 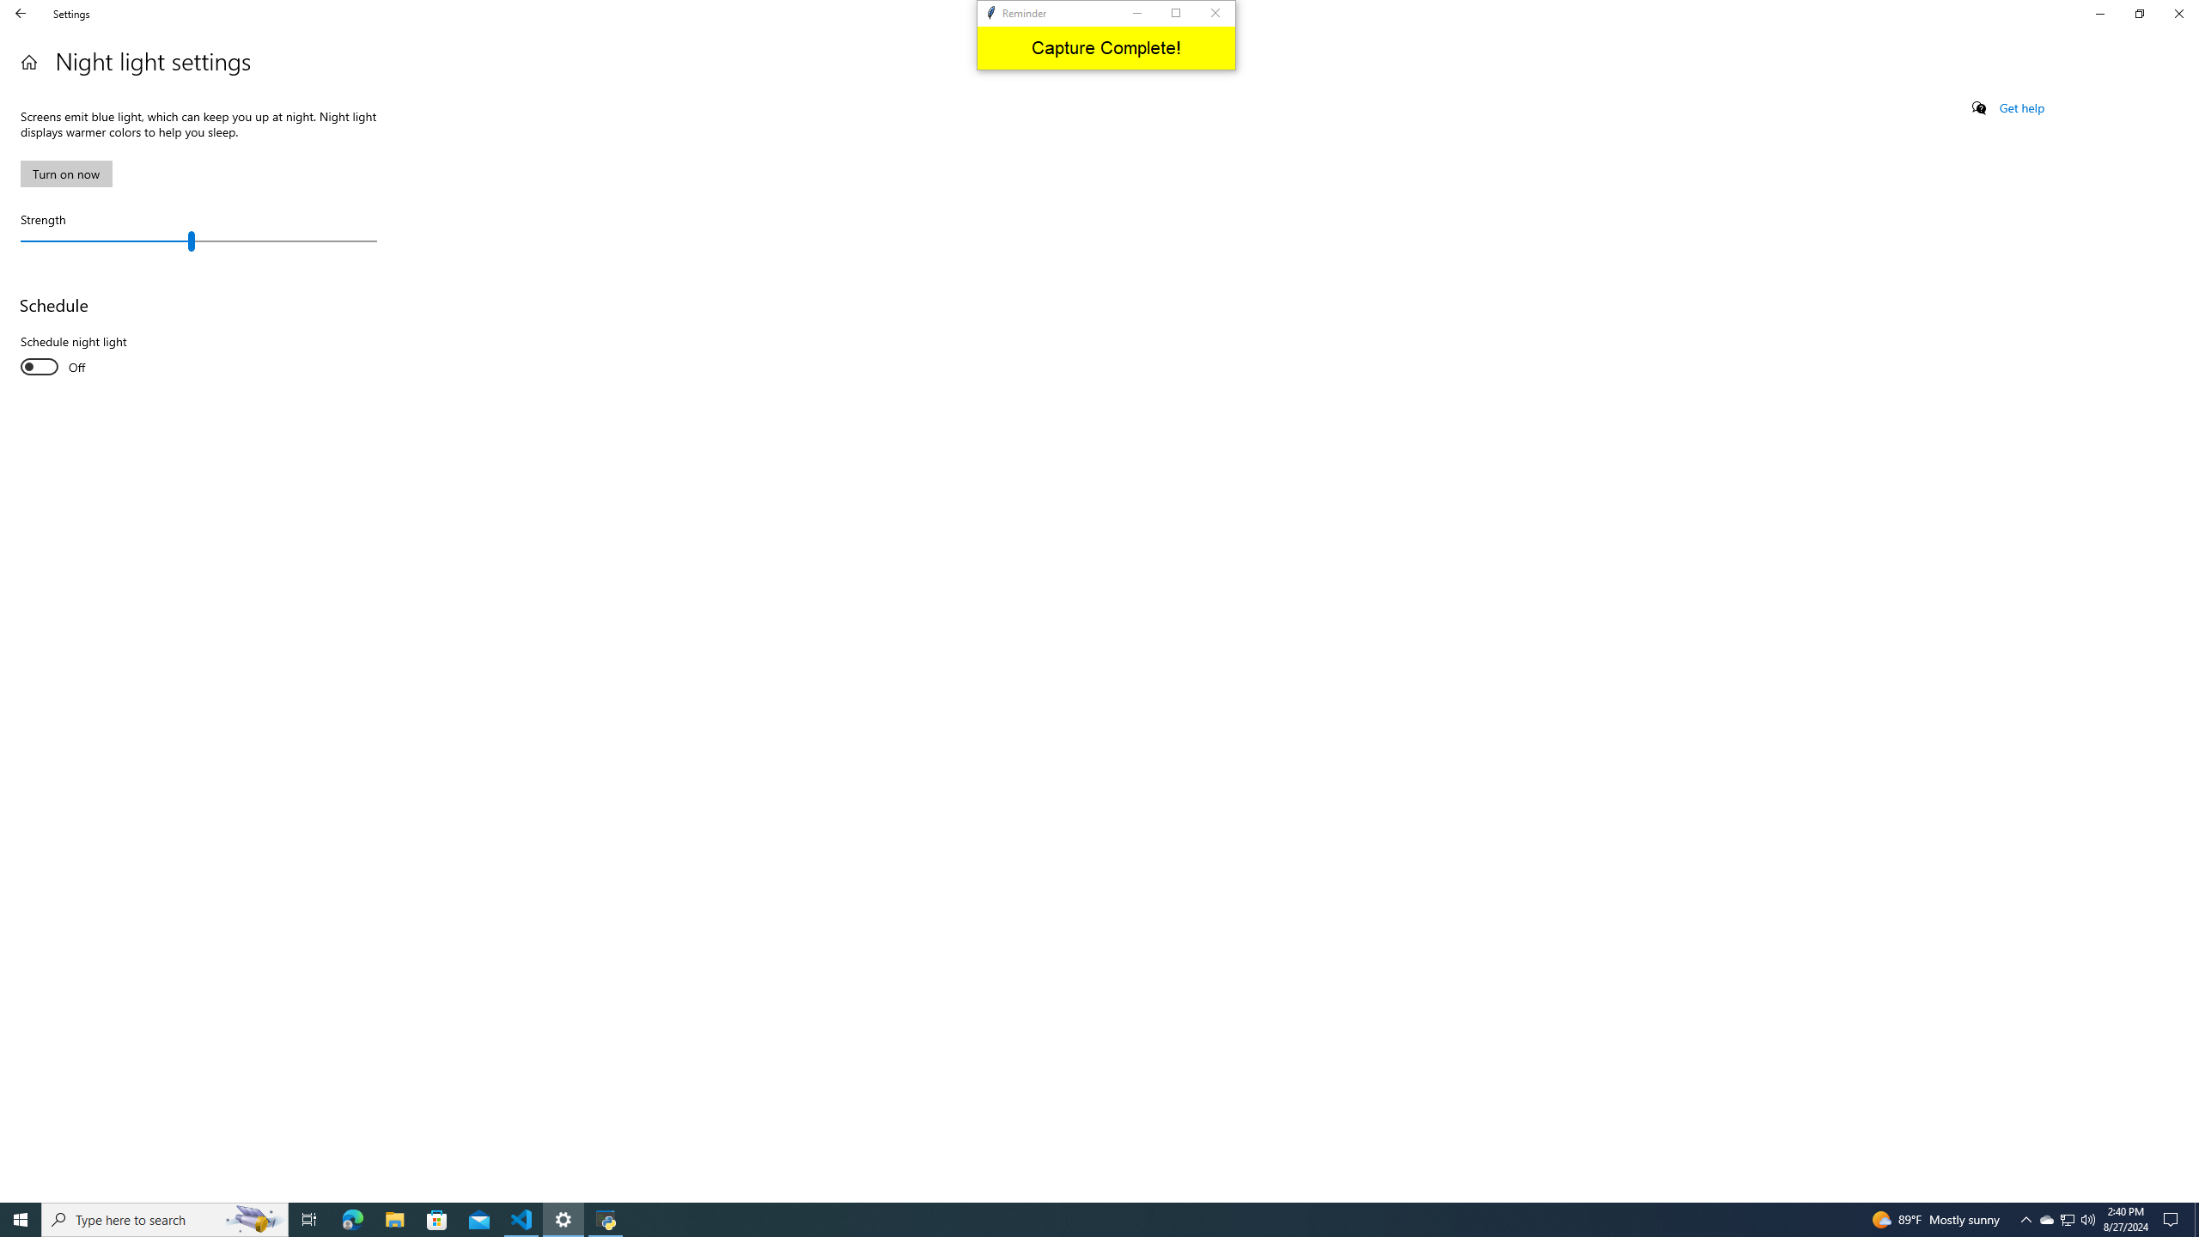 I want to click on 'Home', so click(x=28, y=62).